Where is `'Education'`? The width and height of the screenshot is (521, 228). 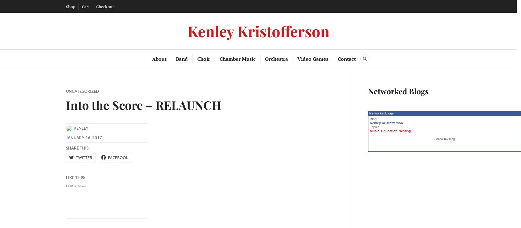 'Education' is located at coordinates (389, 131).